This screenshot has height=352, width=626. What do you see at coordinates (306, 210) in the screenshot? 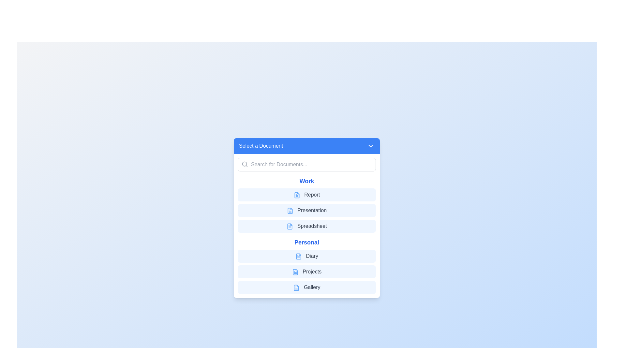
I see `the rectangular button labeled 'Presentation' with a light blue background and a document icon, located under the 'Work' category` at bounding box center [306, 210].